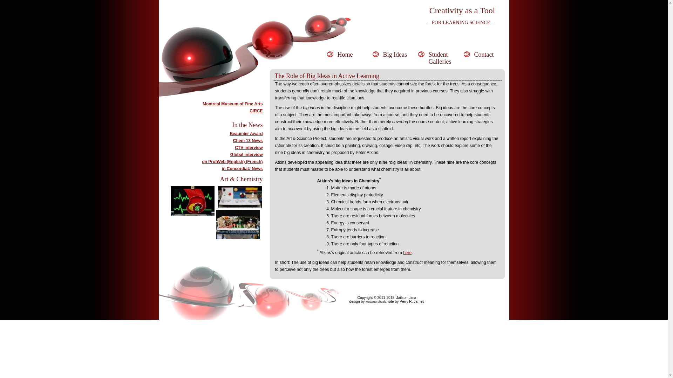 This screenshot has width=673, height=378. What do you see at coordinates (232, 104) in the screenshot?
I see `'Montreal Museum of Fine Arts'` at bounding box center [232, 104].